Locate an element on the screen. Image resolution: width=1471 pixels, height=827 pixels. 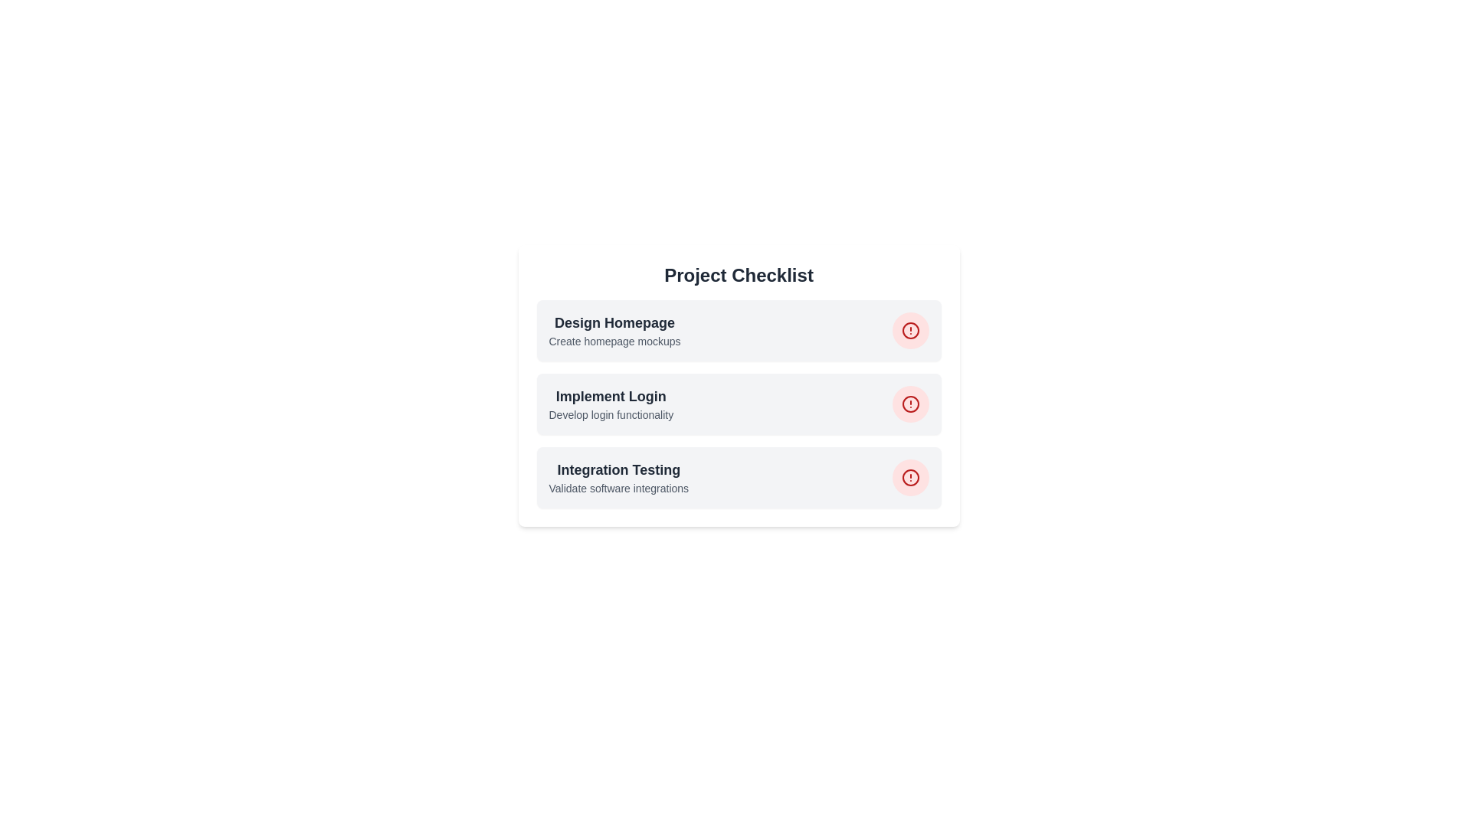
the red circular graphical element located within the second list item under 'Project Checklist,' adjacent to the 'Implement Login' task is located at coordinates (910, 404).